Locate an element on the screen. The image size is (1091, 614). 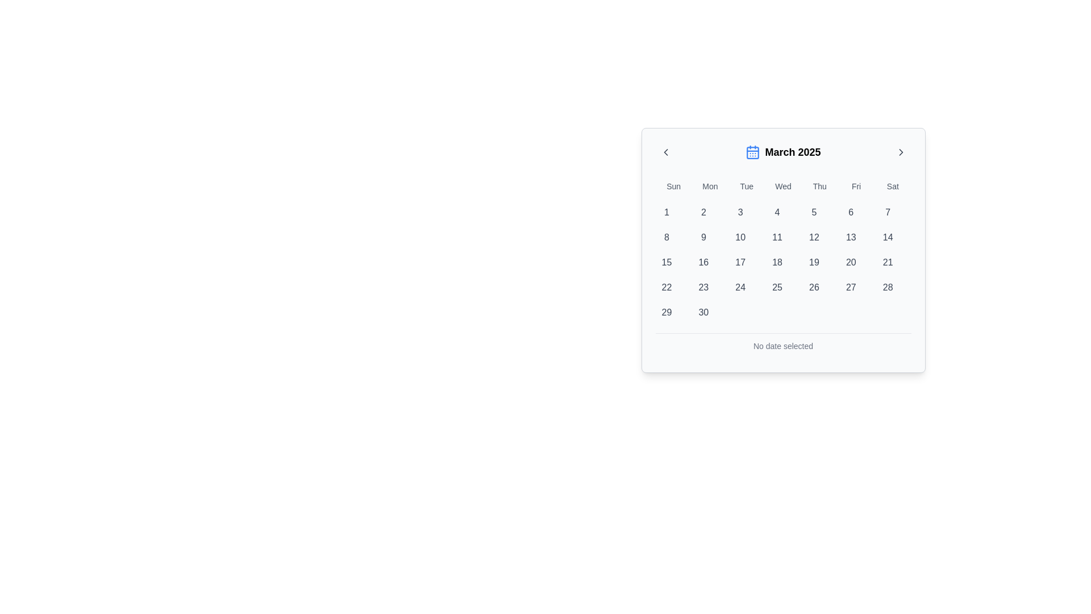
the button representing the 10th day of the month in the calendar popup is located at coordinates (740, 237).